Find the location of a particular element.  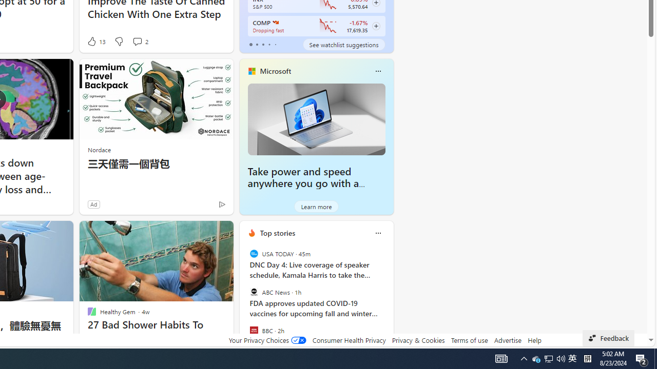

'tab-3' is located at coordinates (269, 44).